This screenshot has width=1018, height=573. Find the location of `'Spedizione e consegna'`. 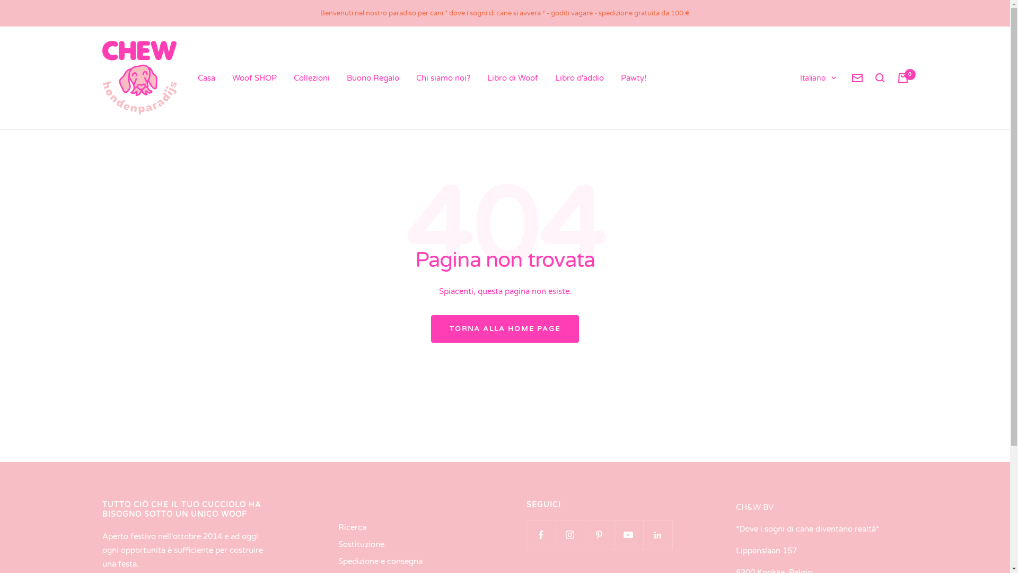

'Spedizione e consegna' is located at coordinates (380, 560).